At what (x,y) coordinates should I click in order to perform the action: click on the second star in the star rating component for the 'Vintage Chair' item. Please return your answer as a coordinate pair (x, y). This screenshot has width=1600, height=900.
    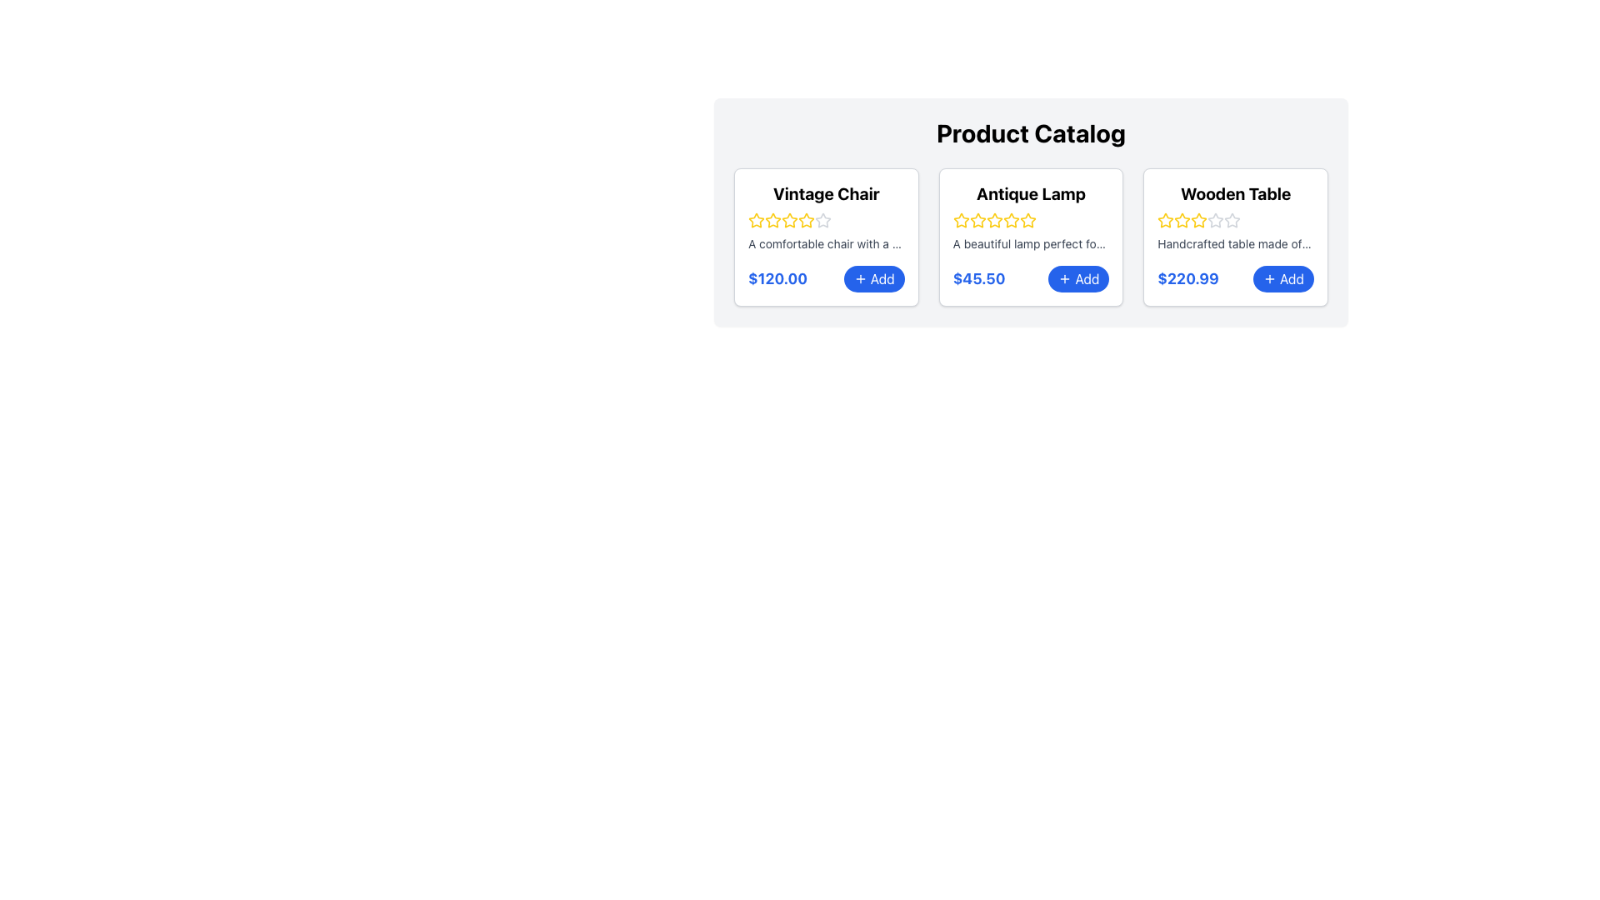
    Looking at the image, I should click on (789, 219).